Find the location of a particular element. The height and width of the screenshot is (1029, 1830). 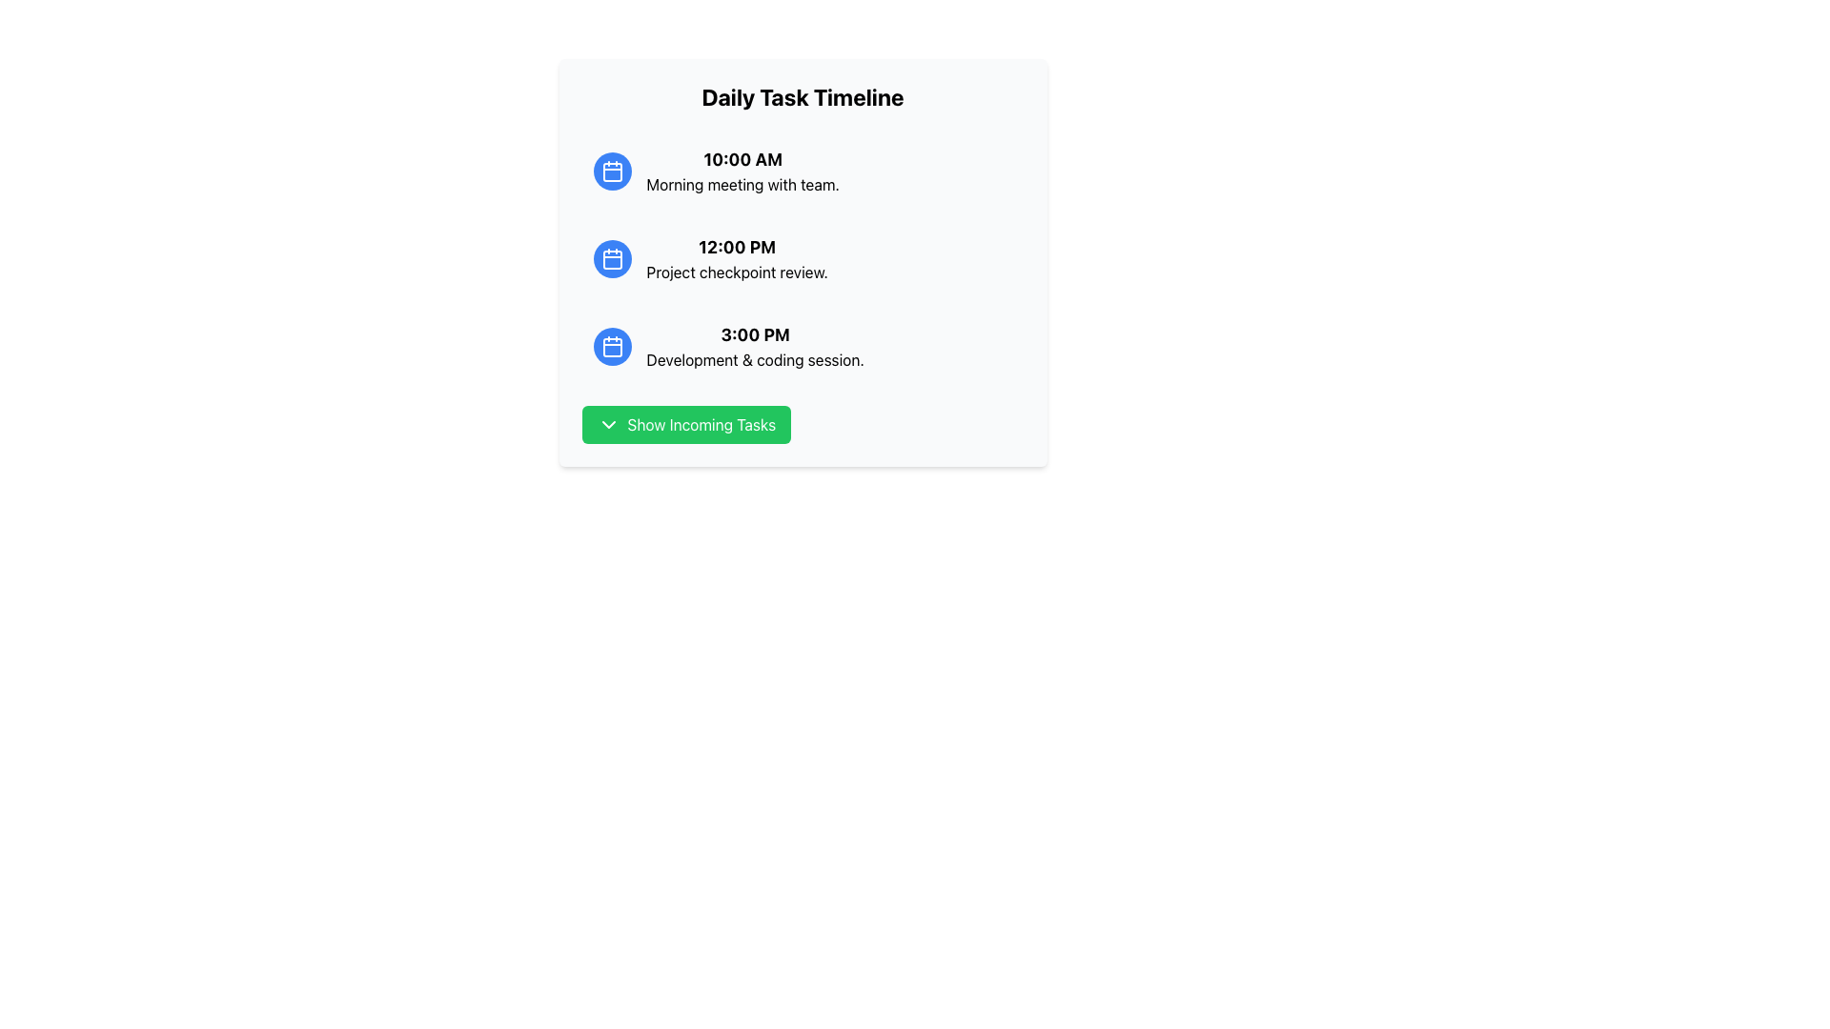

the calendar icon, which is the second in a vertical sequence of three icons, located to the left of the text '12:00 PM Project checkpoint review' in the timeline list is located at coordinates (612, 259).